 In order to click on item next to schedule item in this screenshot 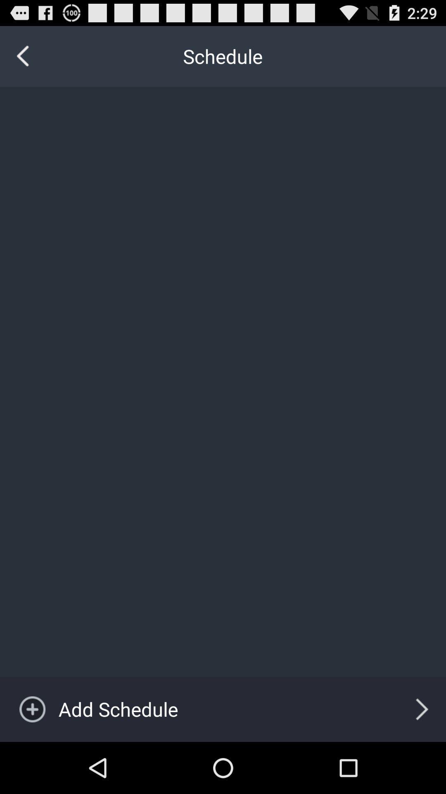, I will do `click(23, 56)`.